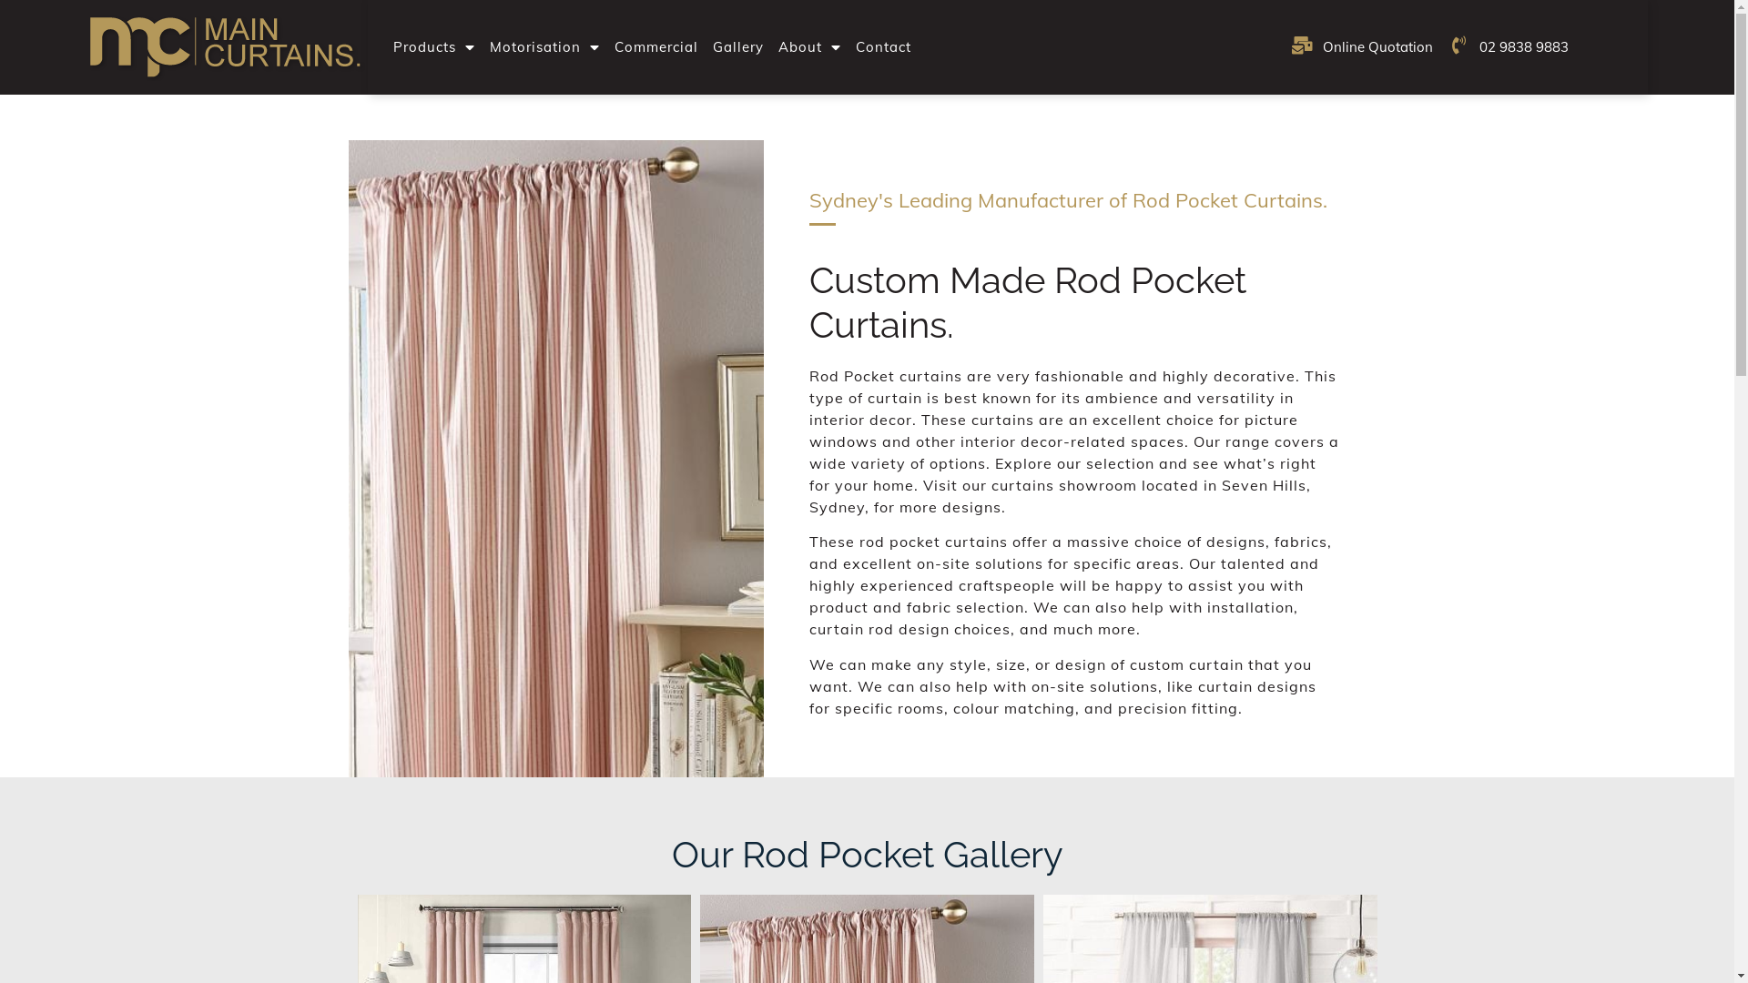 Image resolution: width=1748 pixels, height=983 pixels. What do you see at coordinates (655, 46) in the screenshot?
I see `'Commercial'` at bounding box center [655, 46].